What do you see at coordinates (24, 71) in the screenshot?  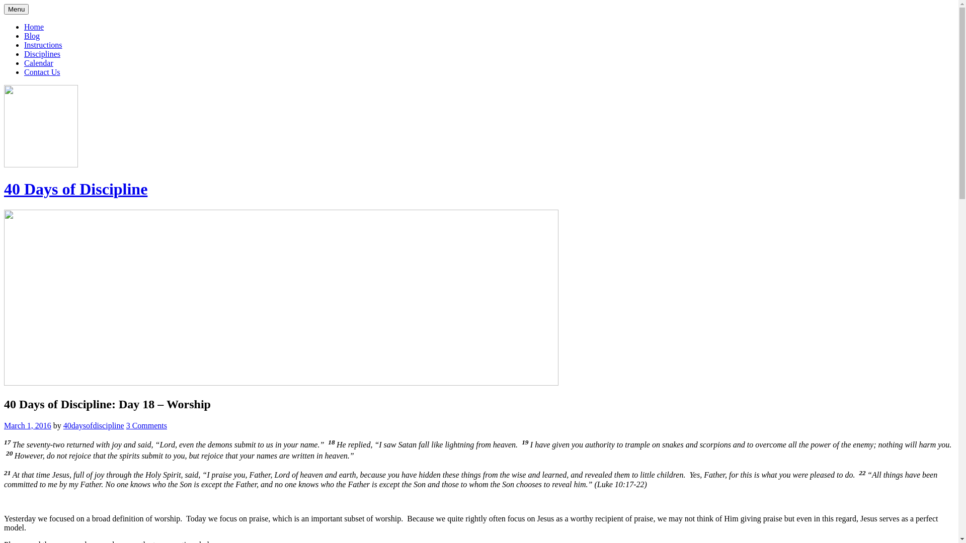 I see `'Contact Us'` at bounding box center [24, 71].